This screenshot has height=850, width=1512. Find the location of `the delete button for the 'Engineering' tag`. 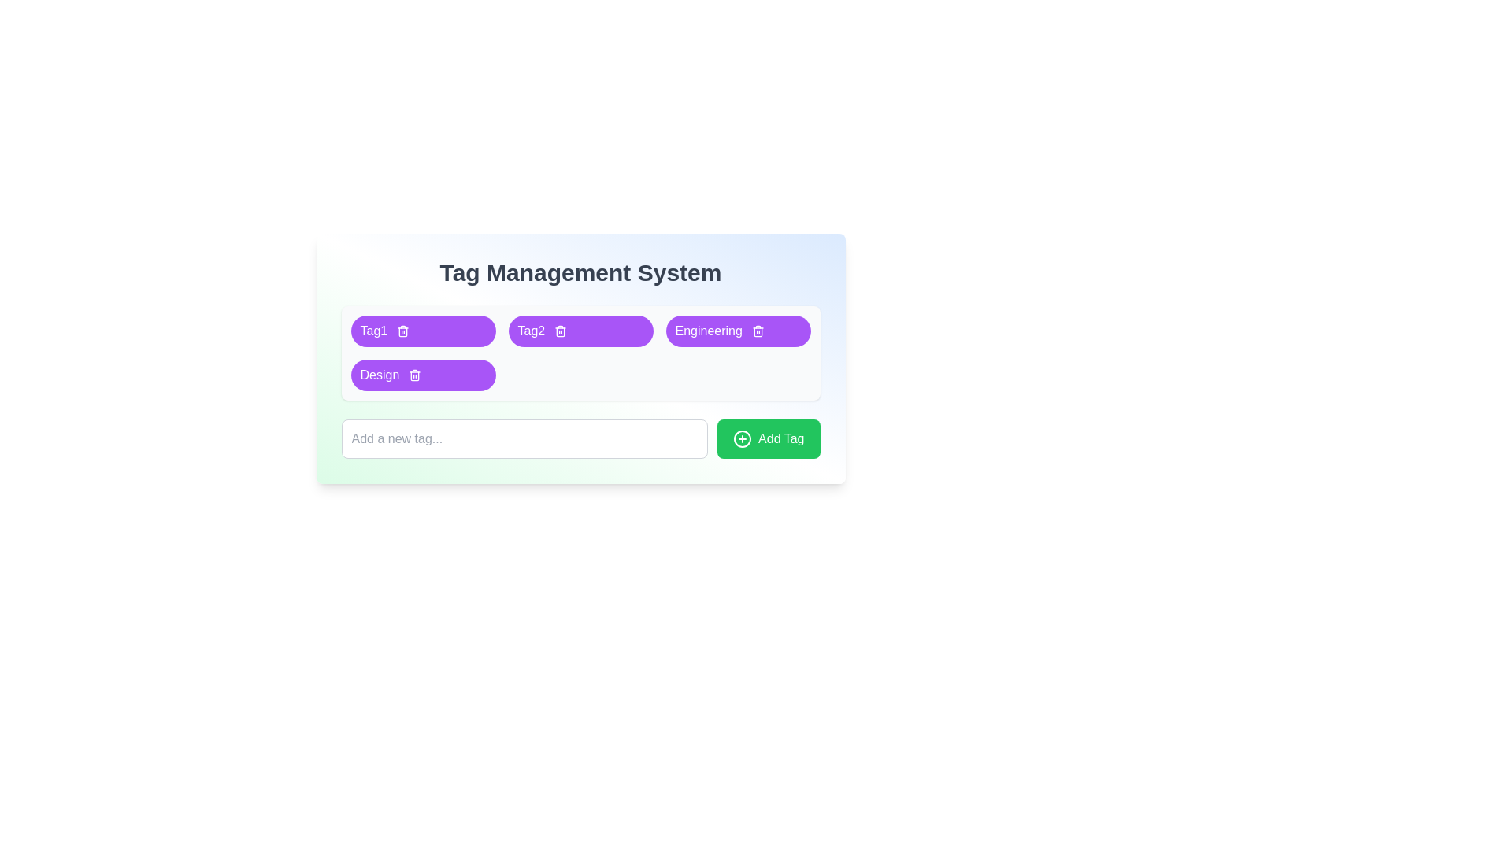

the delete button for the 'Engineering' tag is located at coordinates (758, 330).